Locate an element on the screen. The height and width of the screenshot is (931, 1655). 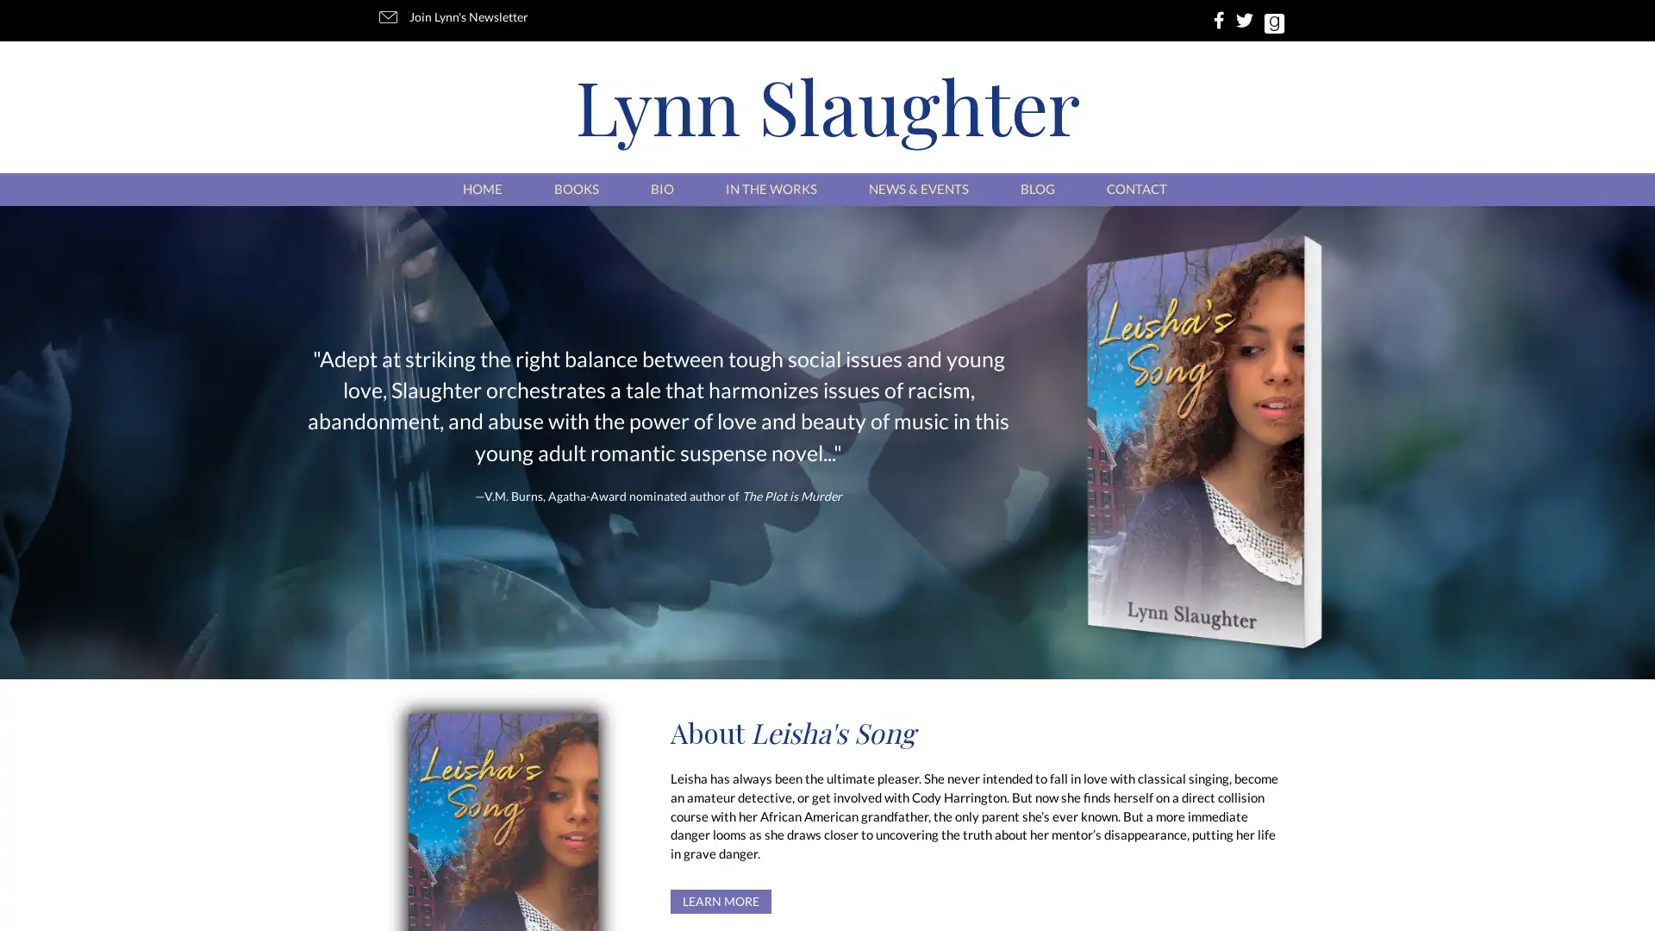
Join Lynn's Newsletter is located at coordinates (456, 17).